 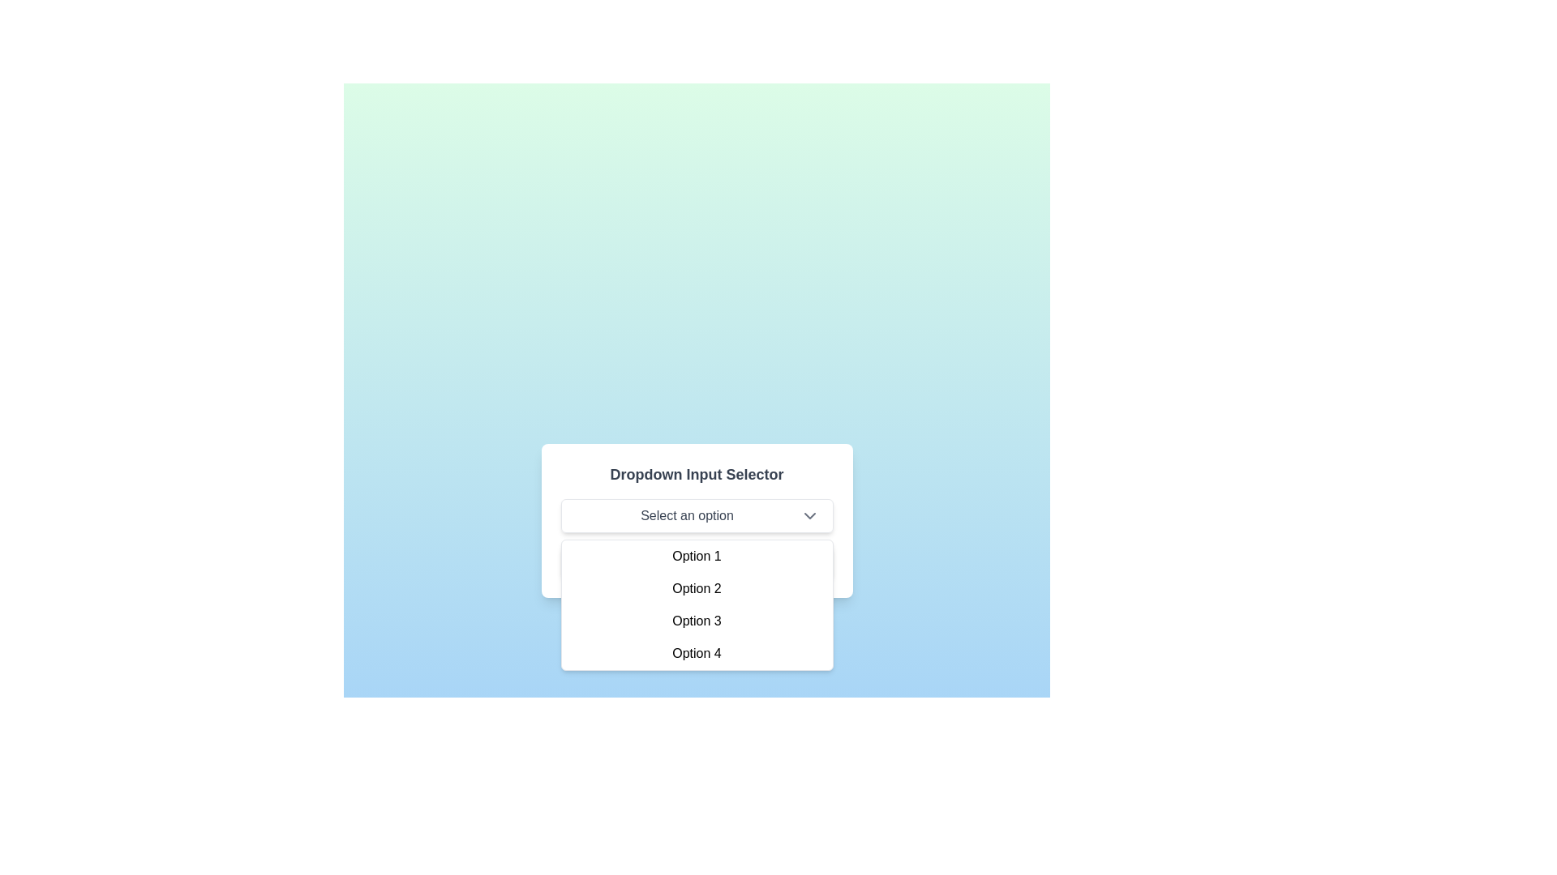 I want to click on the third selectable choice in the dropdown menu, which visually indicates one of the menu options but is non-interactive, so click(x=697, y=621).